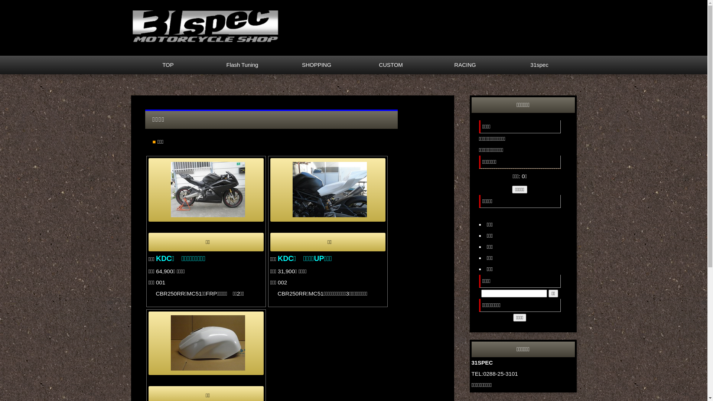  Describe the element at coordinates (167, 64) in the screenshot. I see `'TOP'` at that location.